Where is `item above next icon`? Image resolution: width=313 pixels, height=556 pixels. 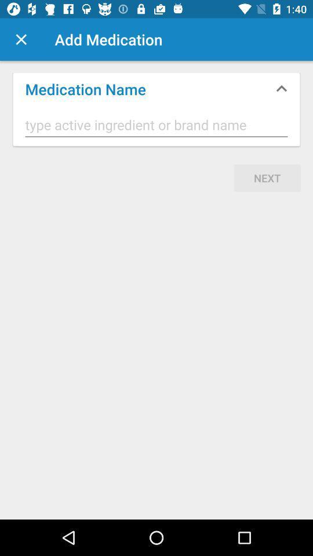
item above next icon is located at coordinates (156, 125).